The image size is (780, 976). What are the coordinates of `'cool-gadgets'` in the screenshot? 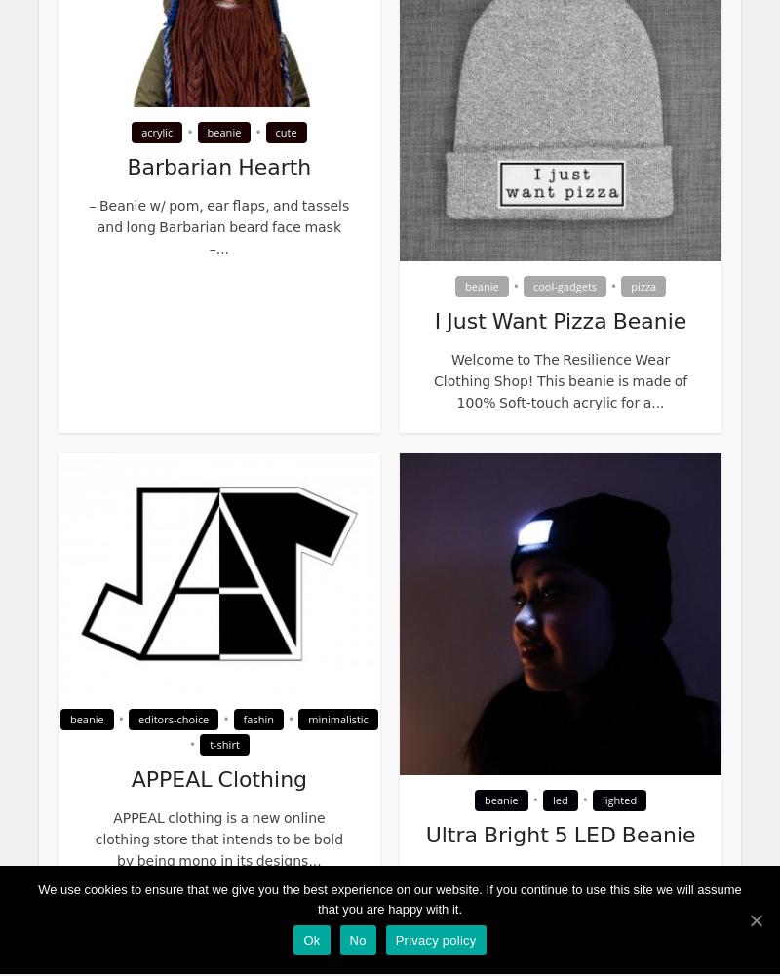 It's located at (564, 286).